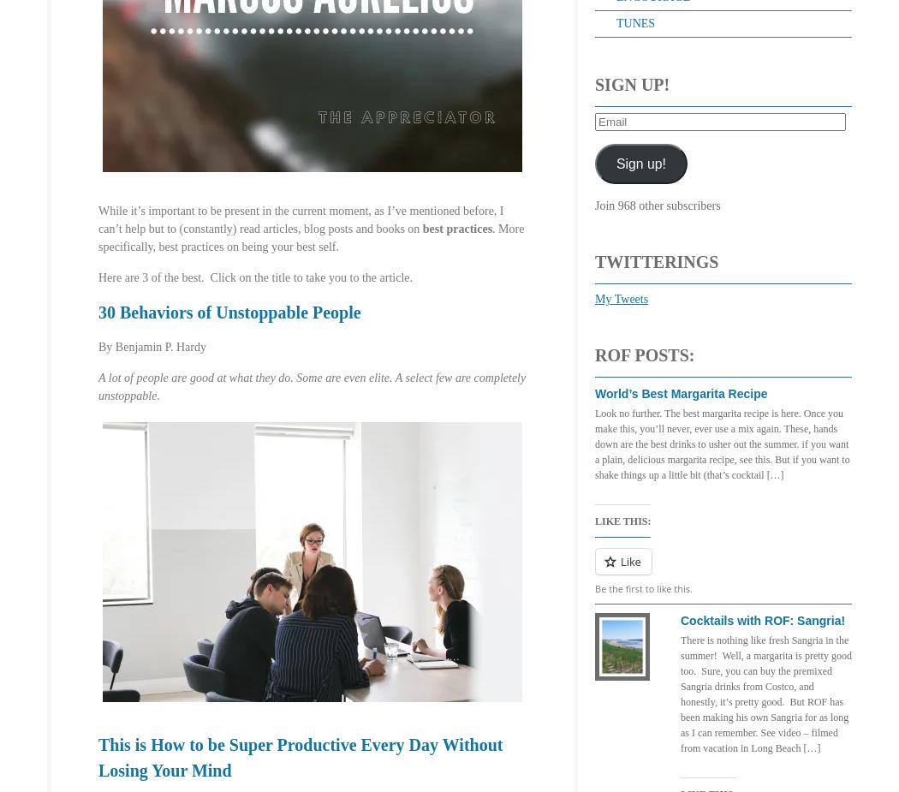 The image size is (899, 792). Describe the element at coordinates (657, 260) in the screenshot. I see `'Twitterings'` at that location.